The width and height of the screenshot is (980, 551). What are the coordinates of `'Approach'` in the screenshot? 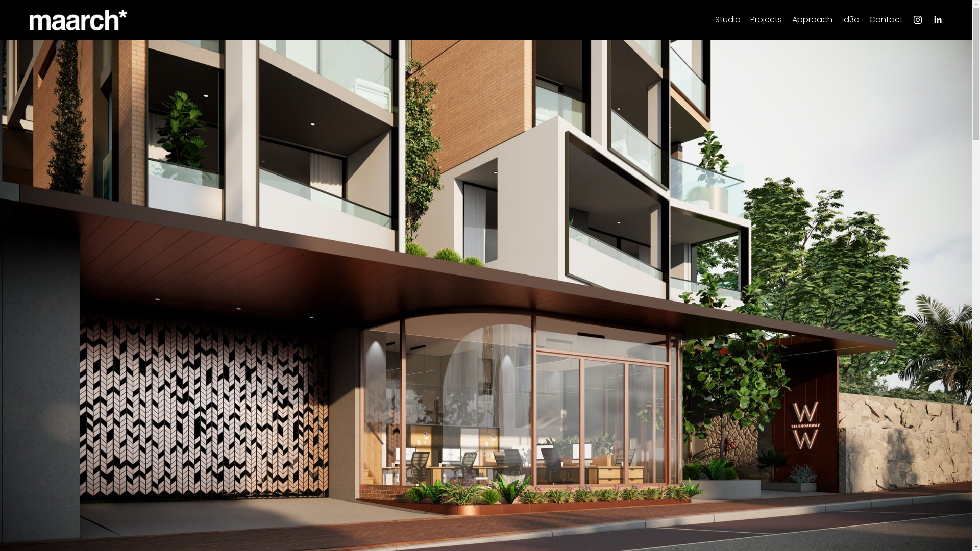 It's located at (812, 19).